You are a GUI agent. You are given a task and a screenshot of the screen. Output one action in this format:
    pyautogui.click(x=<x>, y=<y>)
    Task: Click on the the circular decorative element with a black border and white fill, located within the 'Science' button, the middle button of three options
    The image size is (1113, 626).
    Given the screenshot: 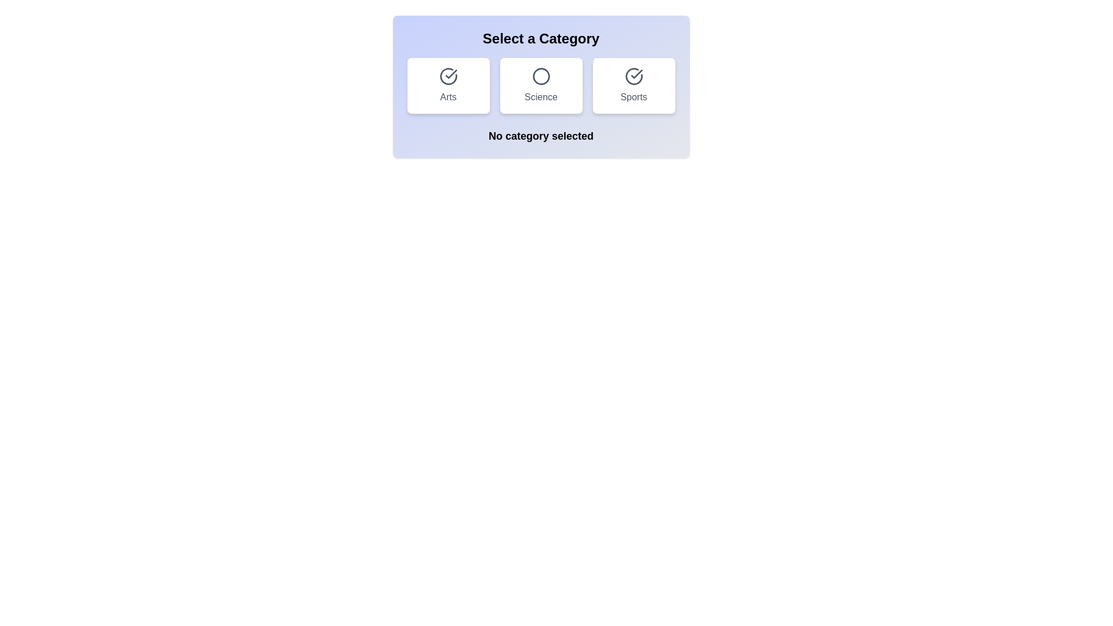 What is the action you would take?
    pyautogui.click(x=540, y=76)
    